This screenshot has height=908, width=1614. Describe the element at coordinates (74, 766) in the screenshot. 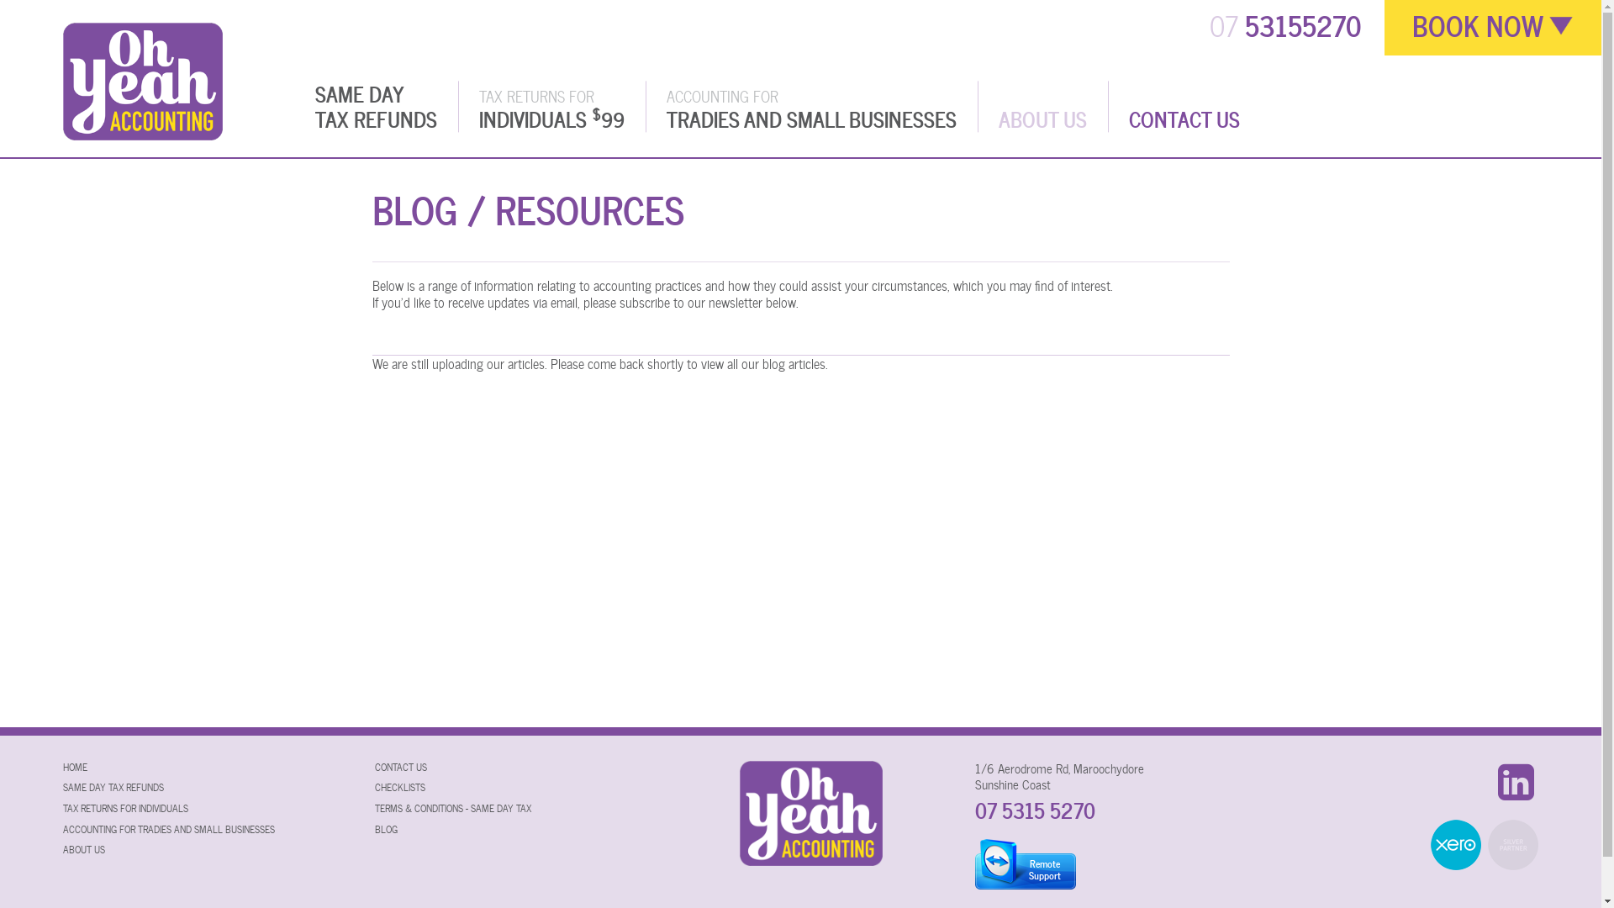

I see `'HOME'` at that location.